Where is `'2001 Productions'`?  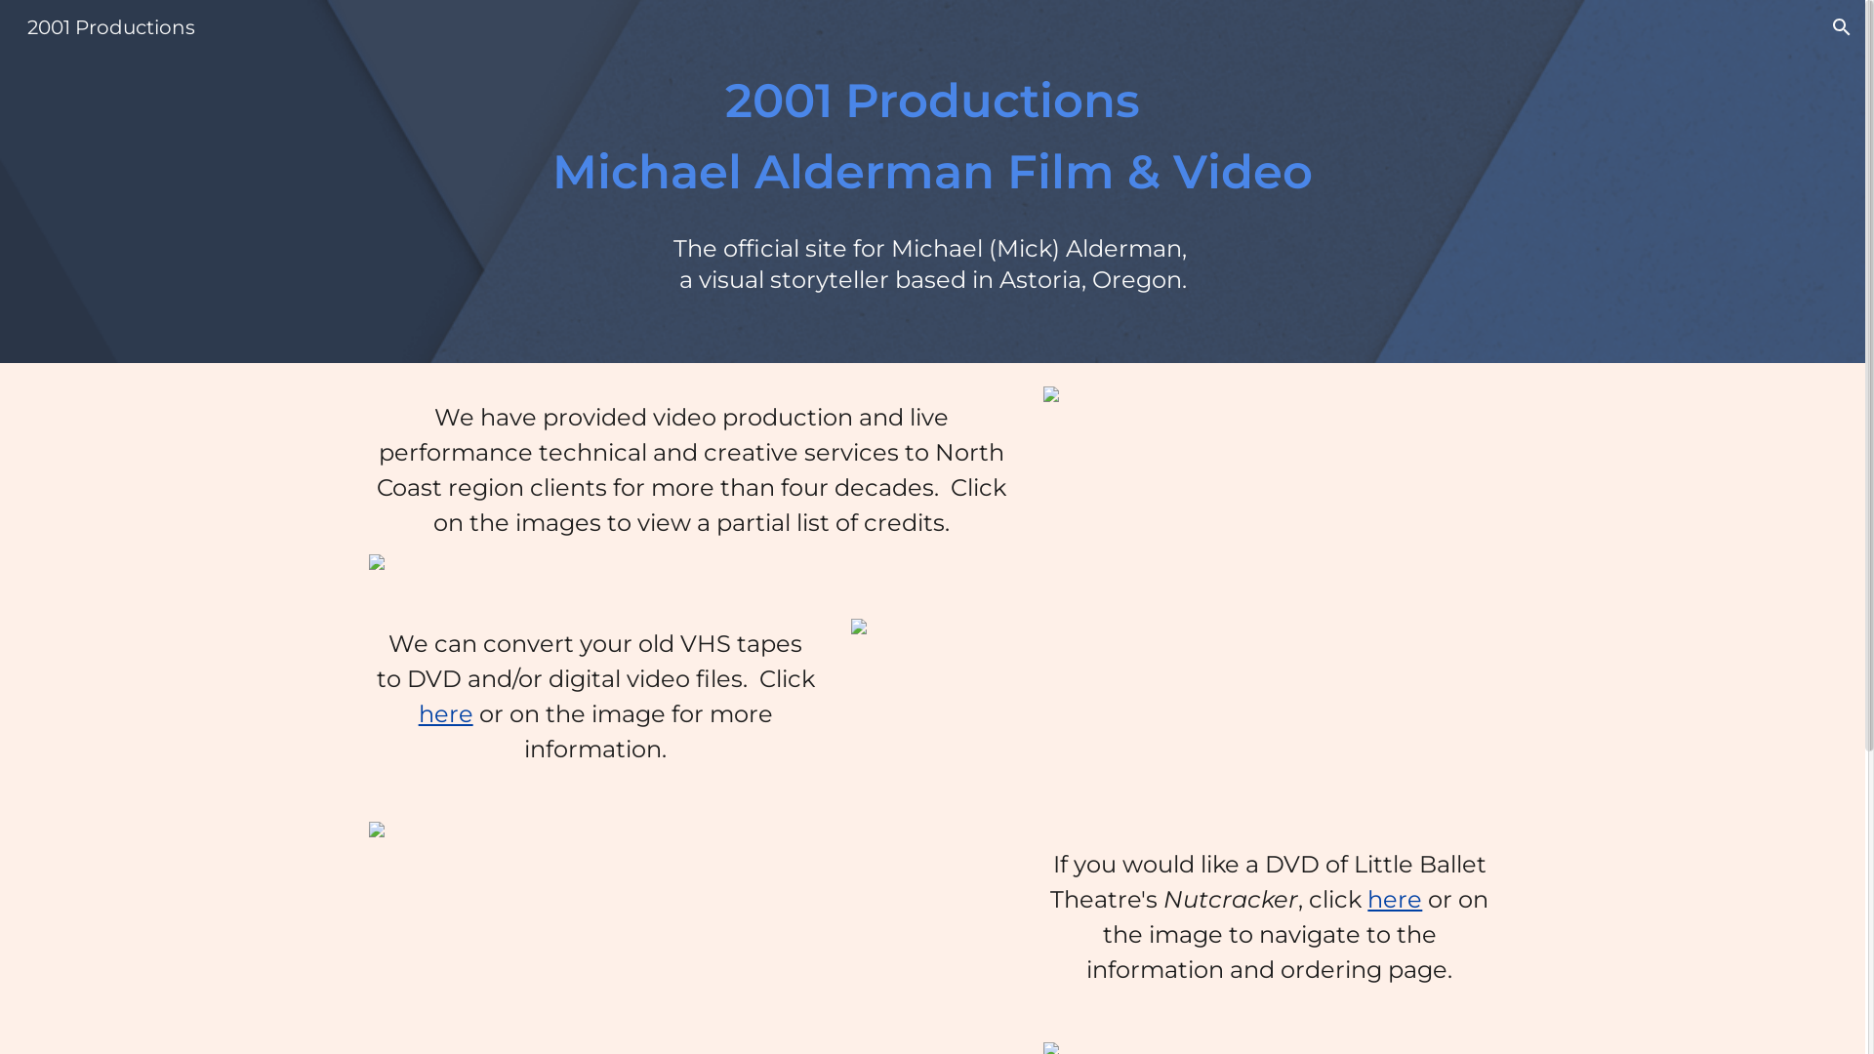 '2001 Productions' is located at coordinates (15, 25).